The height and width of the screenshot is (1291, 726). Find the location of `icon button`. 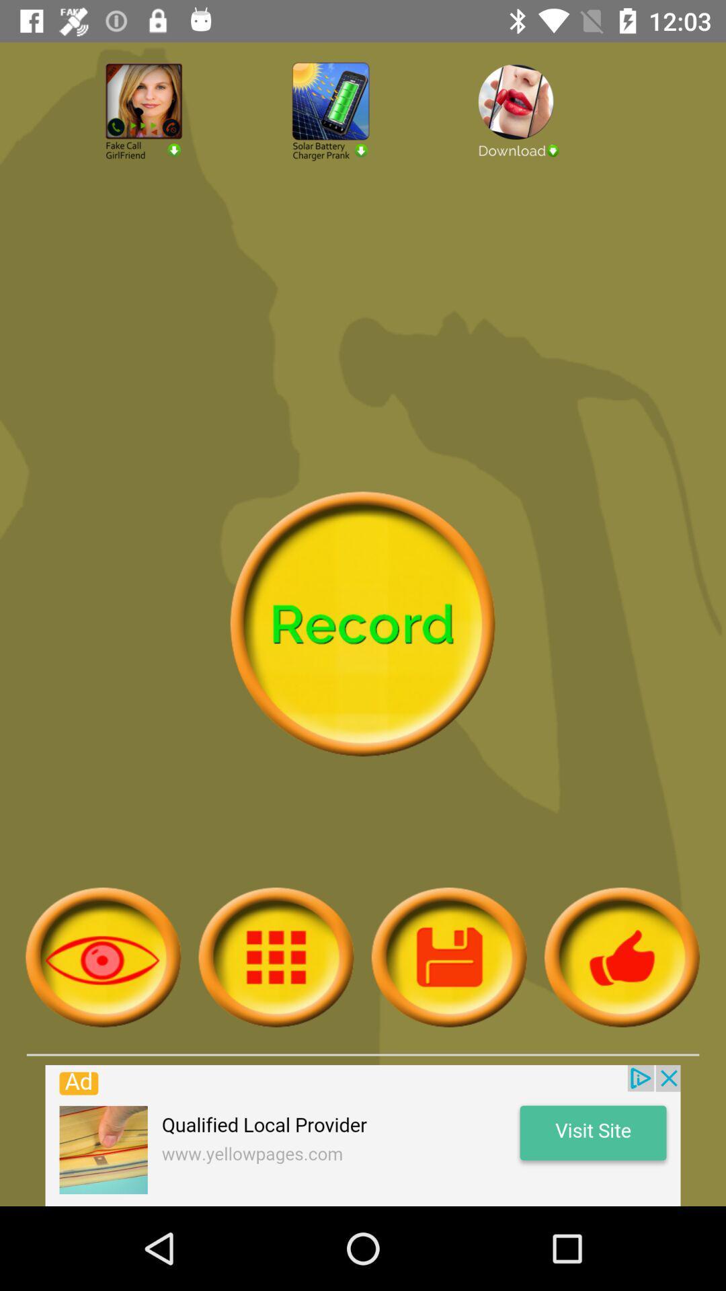

icon button is located at coordinates (449, 956).